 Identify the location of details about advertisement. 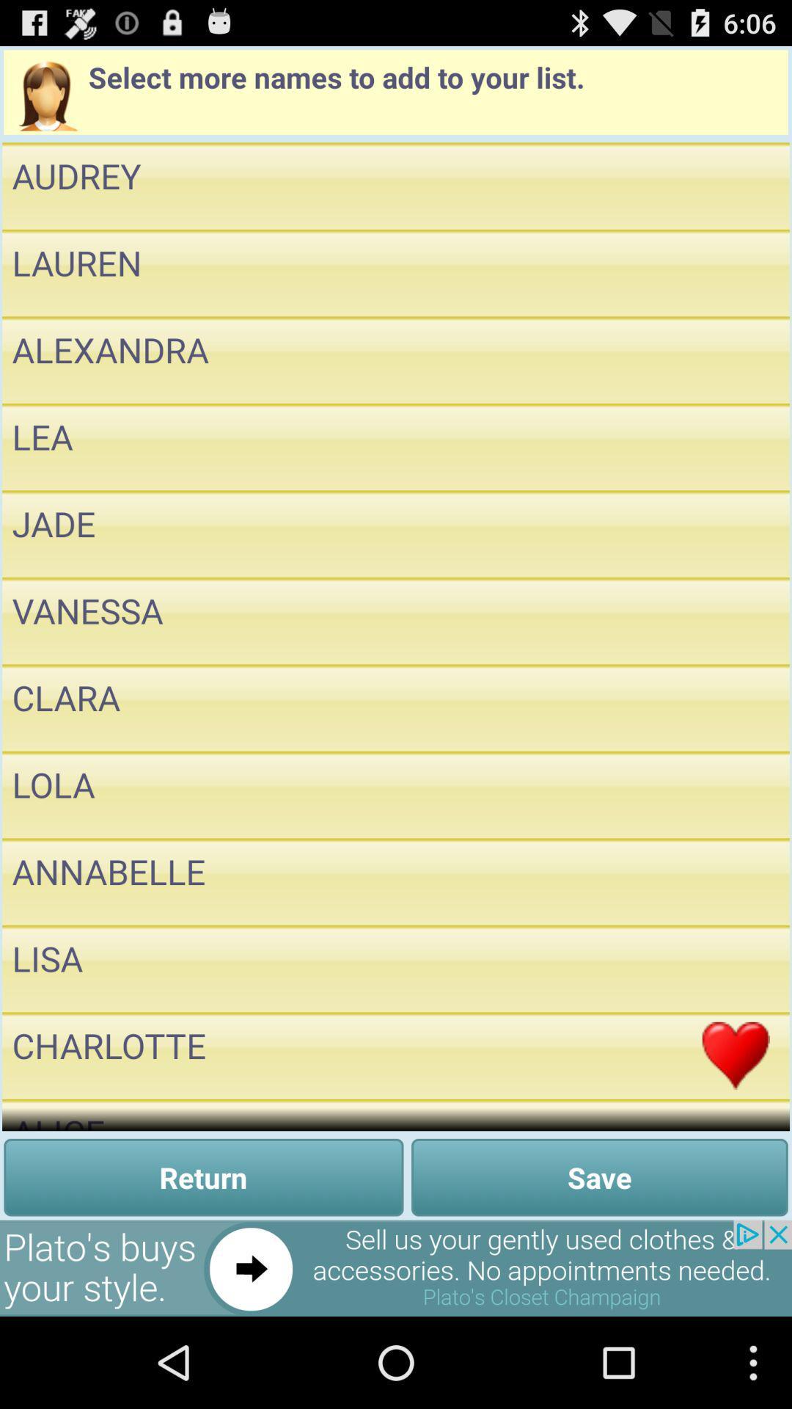
(396, 1267).